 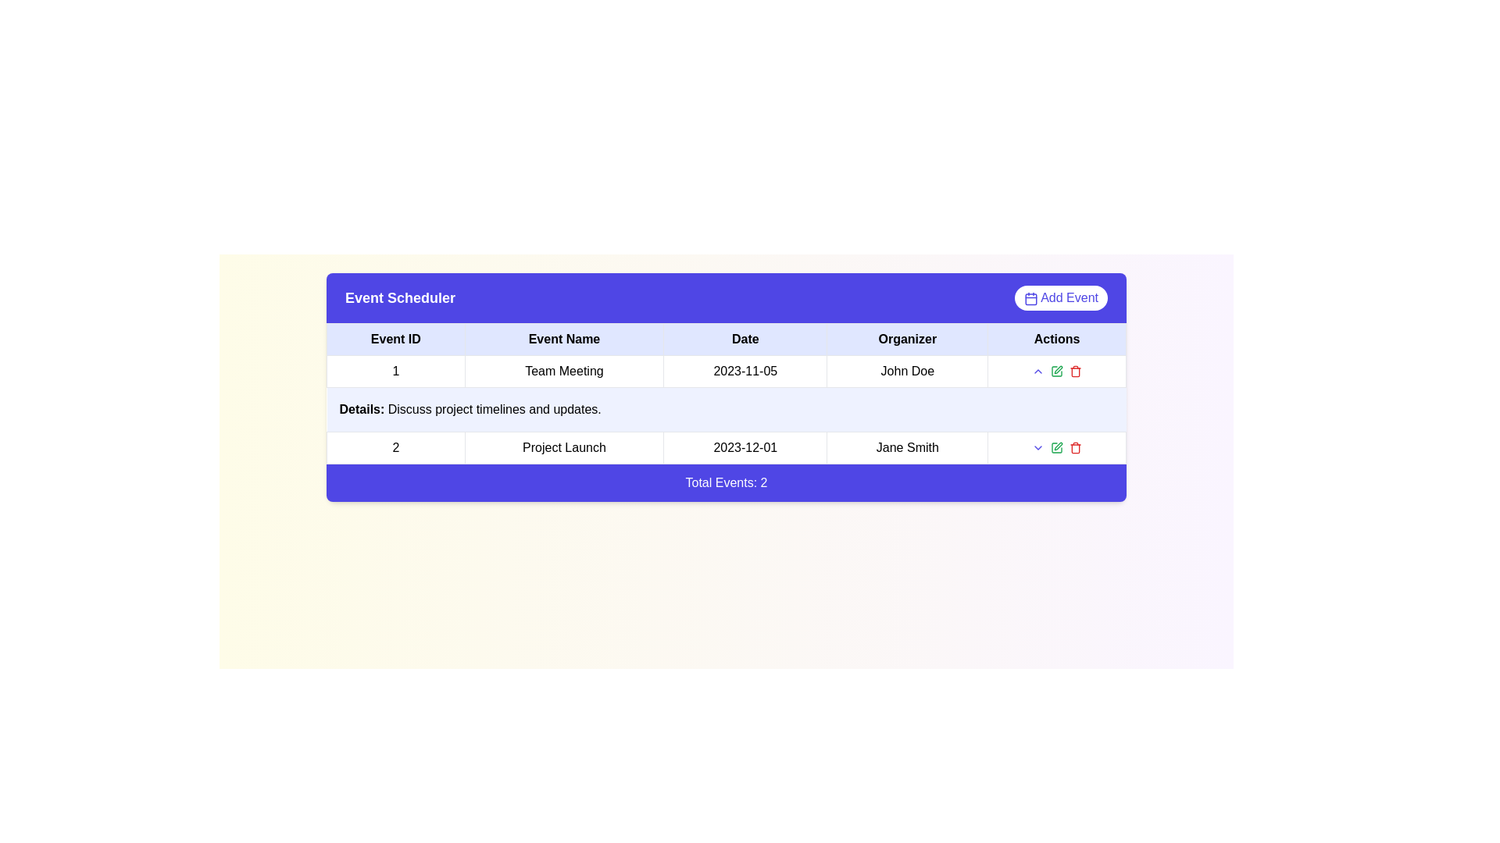 What do you see at coordinates (1075, 371) in the screenshot?
I see `the red trash bin icon in the 'Actions' column of the second table row` at bounding box center [1075, 371].